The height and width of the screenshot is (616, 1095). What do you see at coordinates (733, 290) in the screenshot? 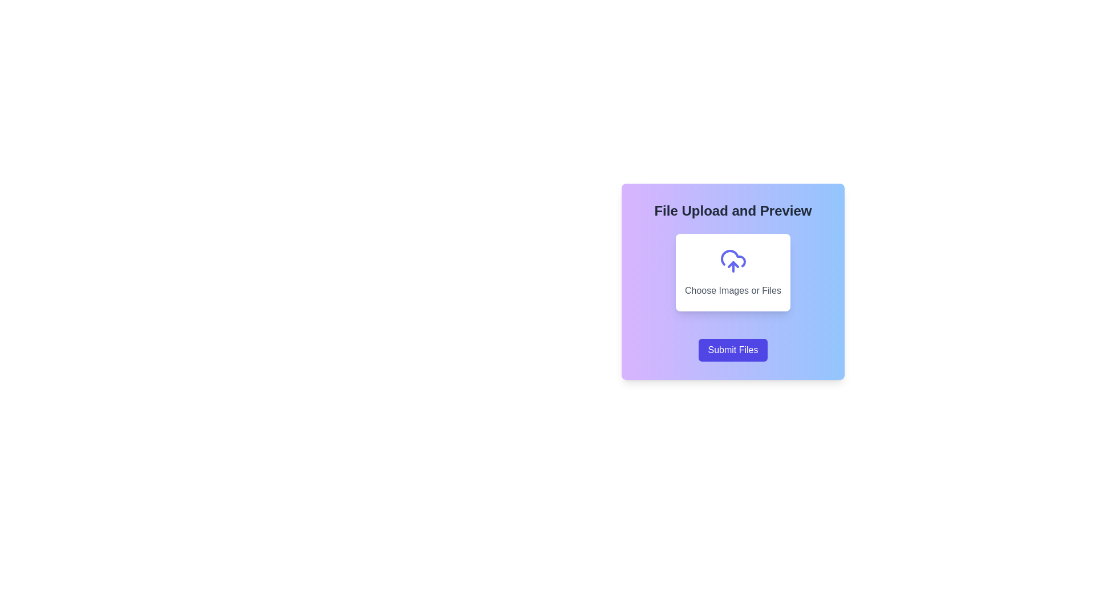
I see `text label that says 'Choose Images or Files' located at the bottom of the card component with a white background and rounded corners` at bounding box center [733, 290].